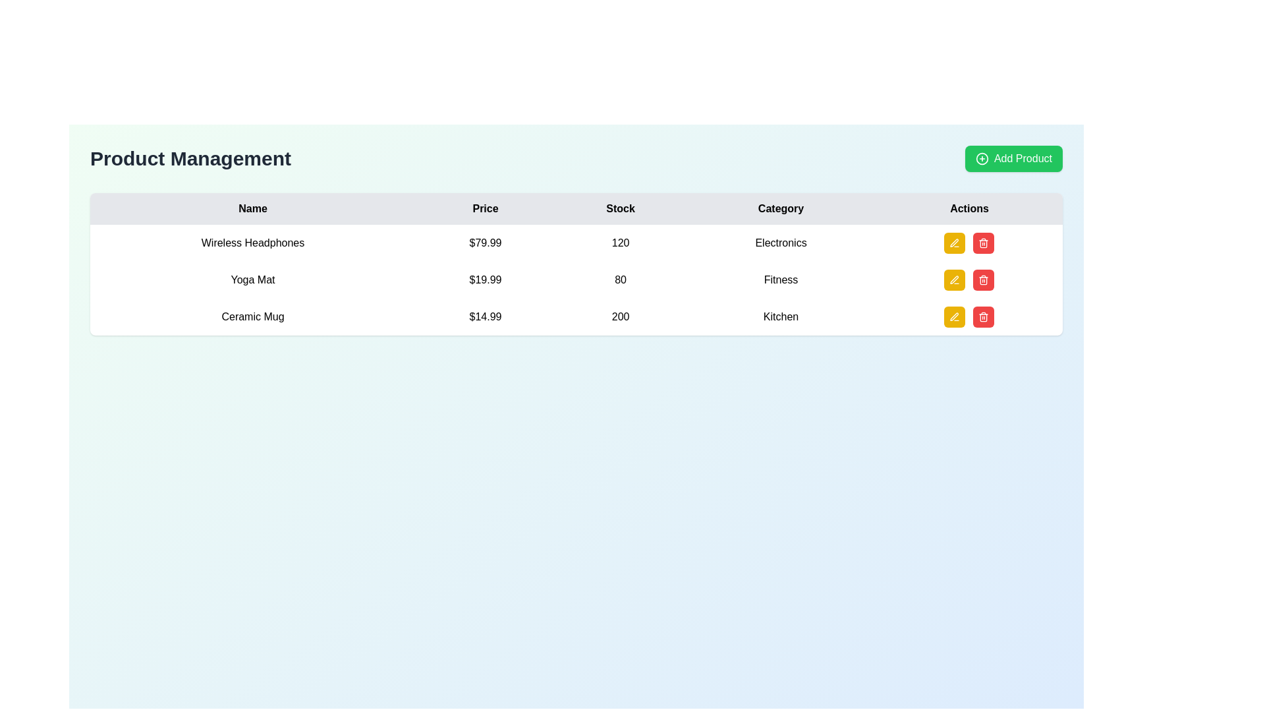 Image resolution: width=1265 pixels, height=712 pixels. I want to click on the trash can icon button in the 'Actions' column for the 'Ceramic Mug' row, so click(984, 317).